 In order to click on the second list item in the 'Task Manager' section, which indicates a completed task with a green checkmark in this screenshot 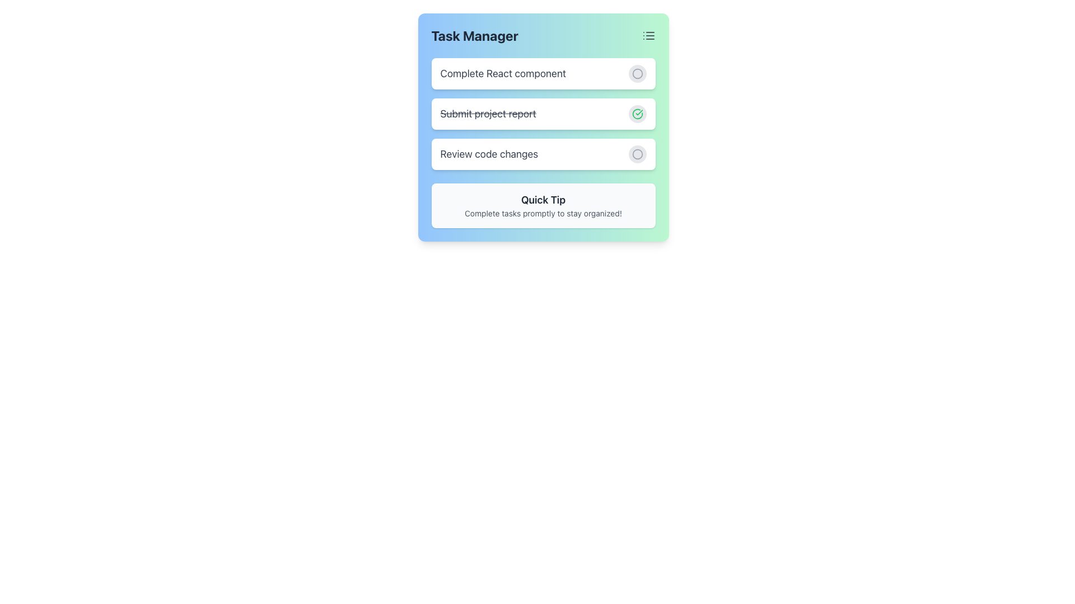, I will do `click(543, 114)`.